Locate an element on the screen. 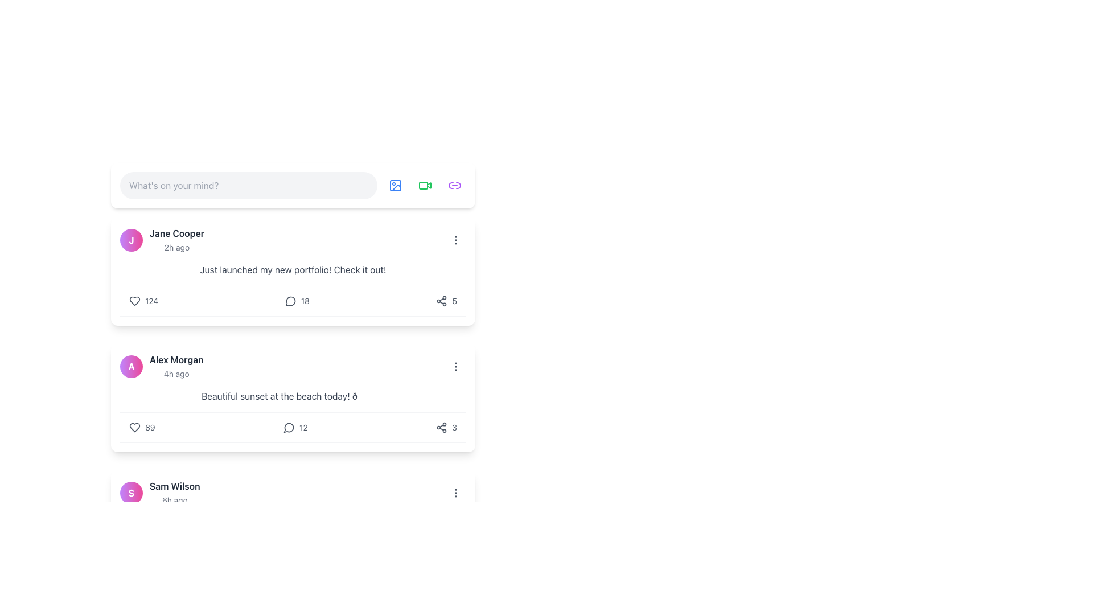 The image size is (1093, 615). the static text element displaying '124', styled in small gray font, which indicates interaction count next to a heart icon in the post view is located at coordinates (151, 300).